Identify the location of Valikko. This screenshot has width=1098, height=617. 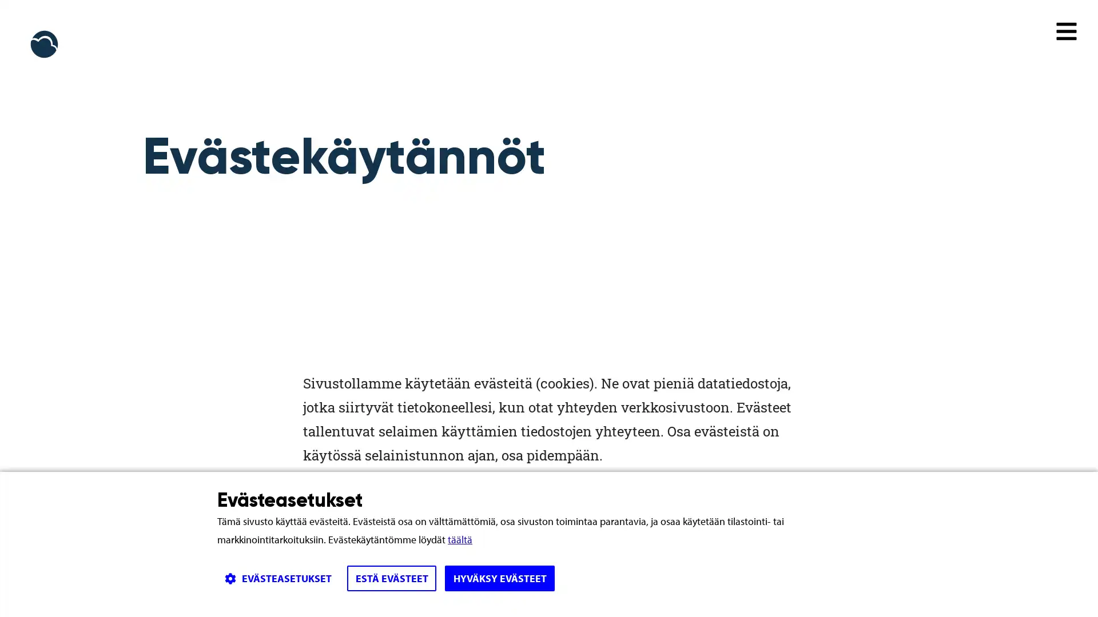
(1066, 30).